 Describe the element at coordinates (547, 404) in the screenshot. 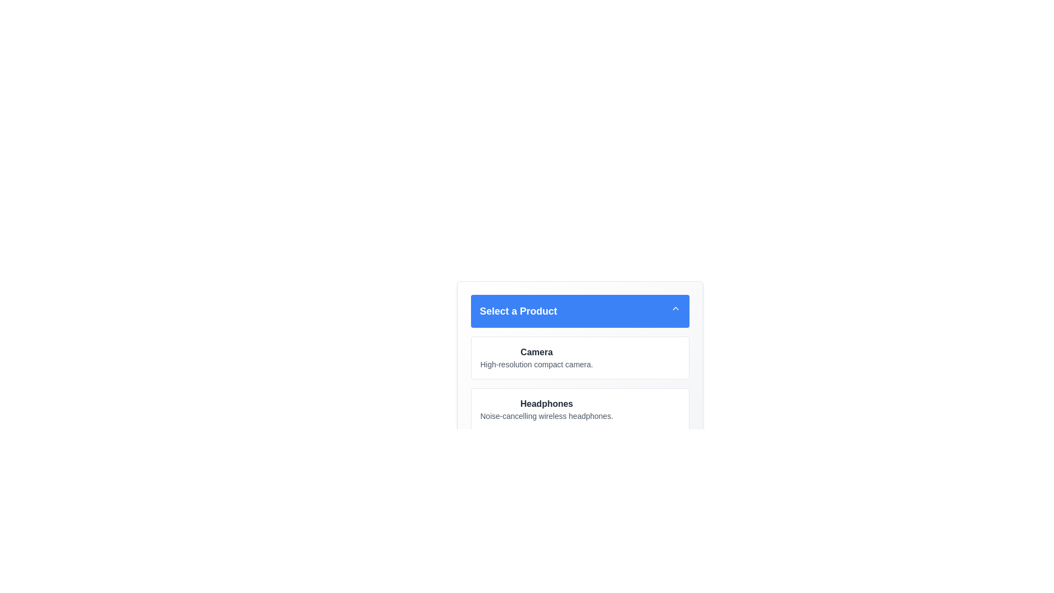

I see `the 'Headphones' text label, which is styled in bold dark gray and positioned under the 'Select a Product' section, below the 'Camera' item` at that location.